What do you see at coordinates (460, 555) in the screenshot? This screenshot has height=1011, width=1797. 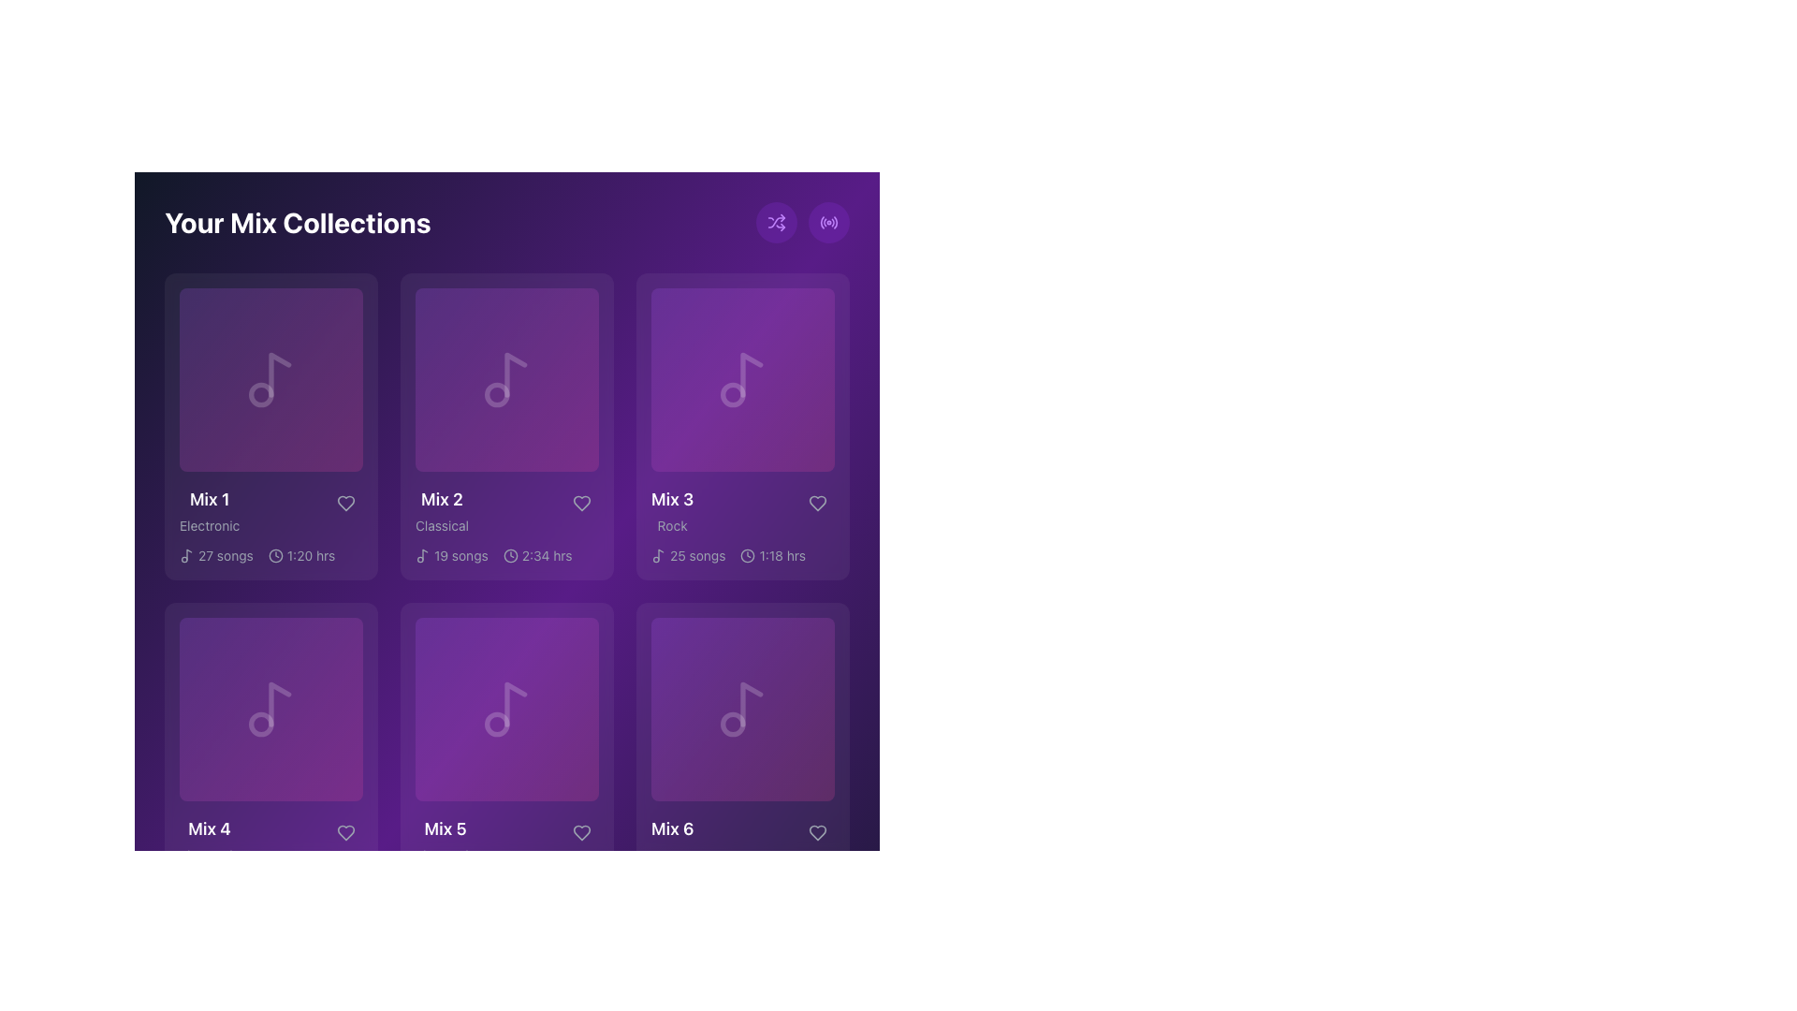 I see `text label that indicates the number of songs available in the 'Mix 2' collection, located in the lower part of the second card in the first row of the music collection grid, adjacent to a small music note icon and above duration information` at bounding box center [460, 555].